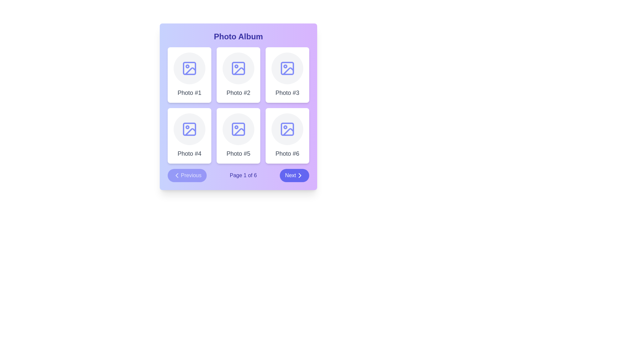 This screenshot has height=357, width=635. Describe the element at coordinates (189, 68) in the screenshot. I see `the outermost rectangular part of the SVG icon located in the top-left corner of the photo grid in the photo album interface` at that location.